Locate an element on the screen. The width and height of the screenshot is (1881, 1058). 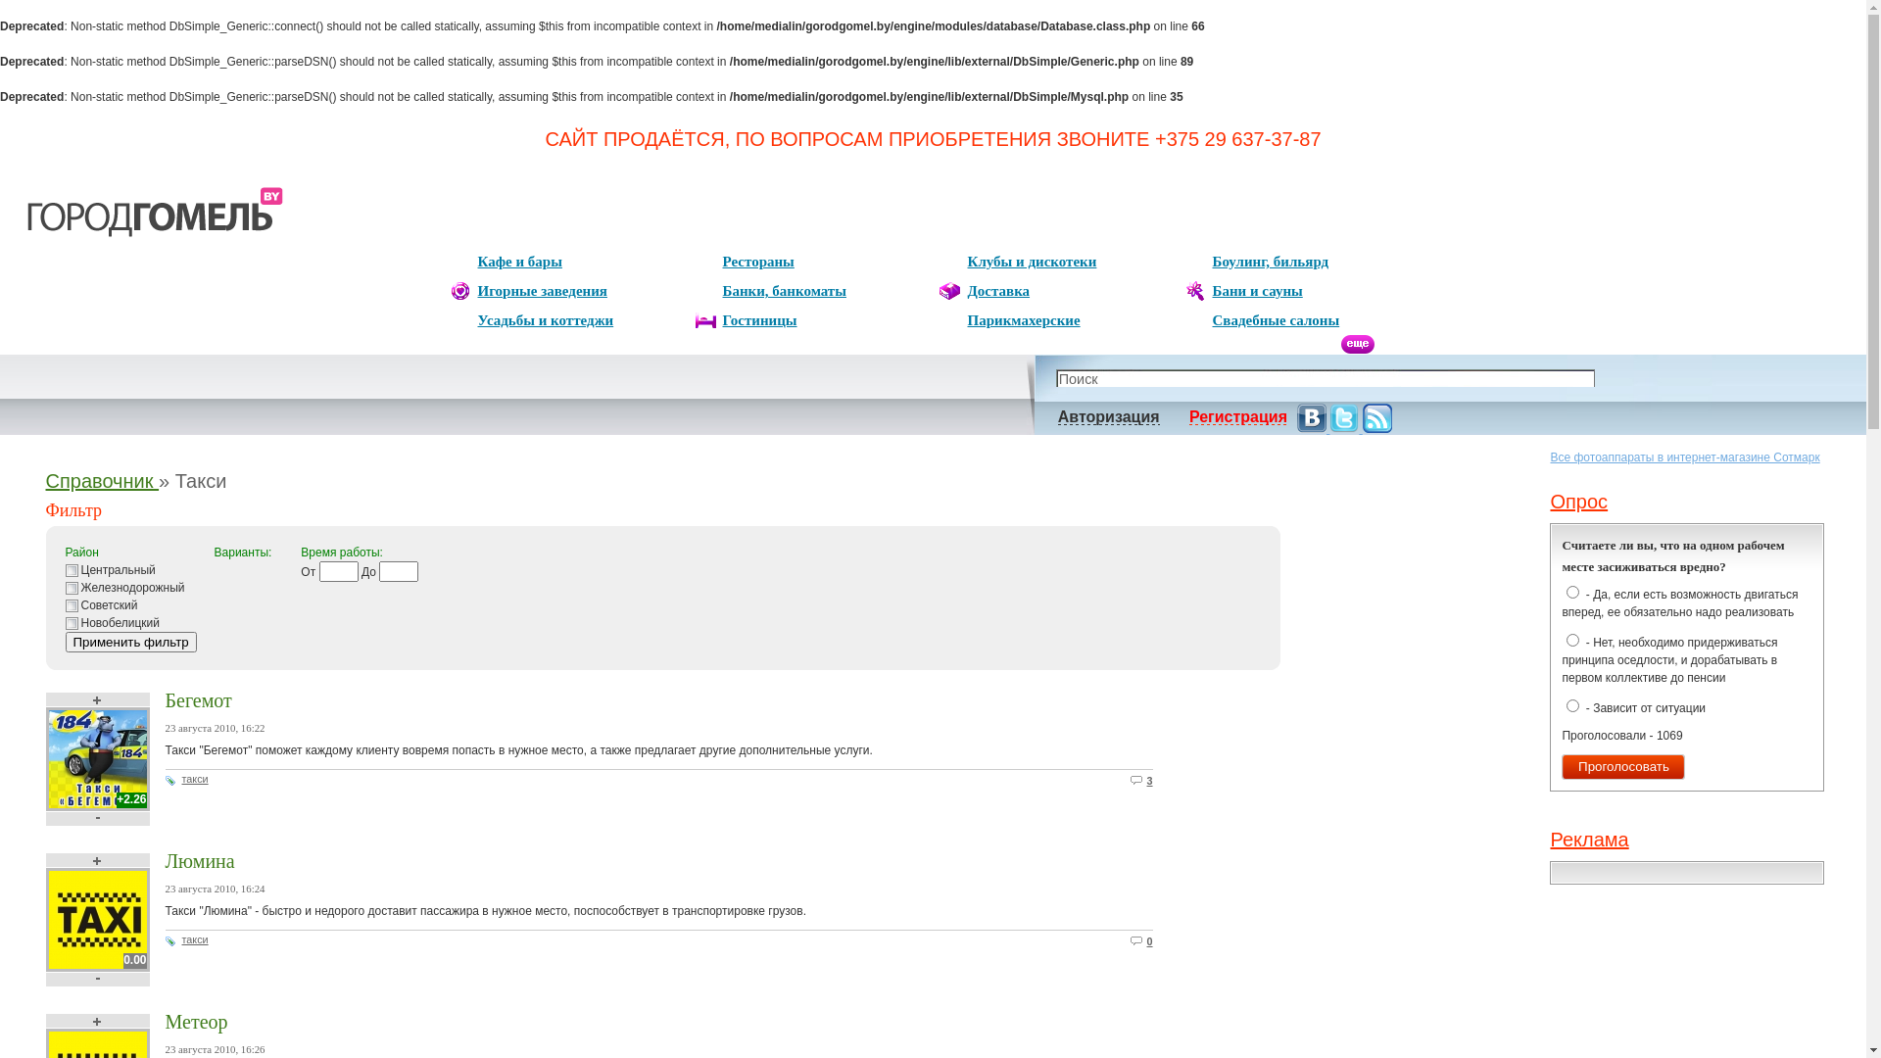
'3' is located at coordinates (1147, 780).